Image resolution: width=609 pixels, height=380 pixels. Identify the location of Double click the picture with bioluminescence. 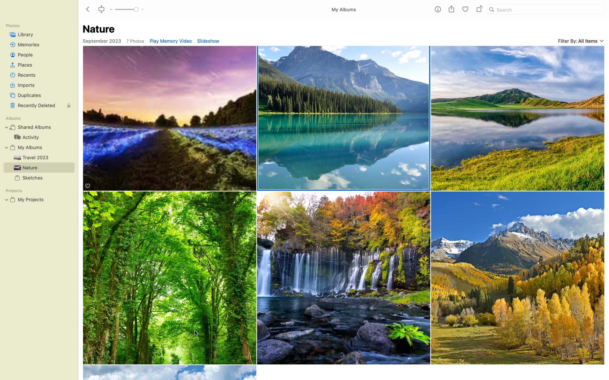
(170, 119).